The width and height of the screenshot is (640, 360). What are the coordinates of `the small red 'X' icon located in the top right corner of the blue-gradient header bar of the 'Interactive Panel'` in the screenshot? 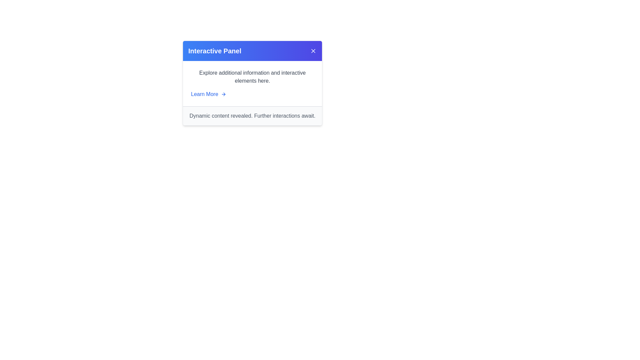 It's located at (313, 51).